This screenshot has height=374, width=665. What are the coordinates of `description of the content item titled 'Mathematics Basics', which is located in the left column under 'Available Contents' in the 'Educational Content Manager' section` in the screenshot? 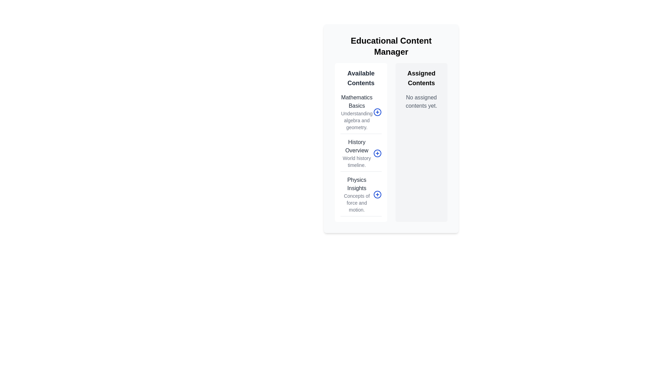 It's located at (361, 113).